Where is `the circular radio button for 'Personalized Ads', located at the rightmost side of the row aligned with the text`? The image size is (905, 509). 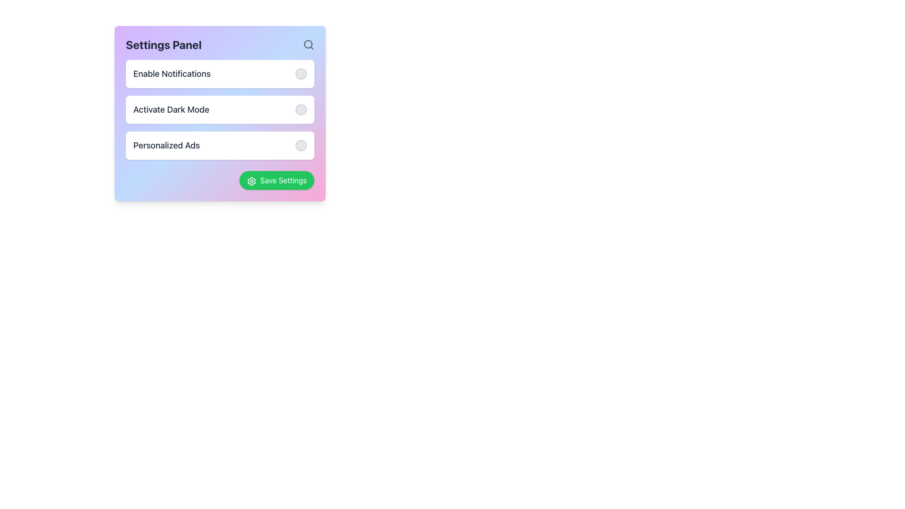 the circular radio button for 'Personalized Ads', located at the rightmost side of the row aligned with the text is located at coordinates (300, 145).